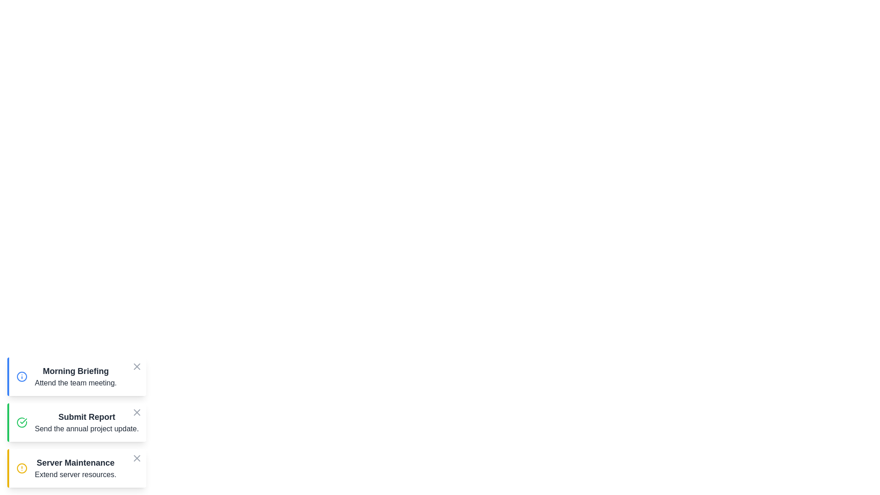 This screenshot has height=495, width=880. What do you see at coordinates (87, 422) in the screenshot?
I see `the 'Submit Report' text block` at bounding box center [87, 422].